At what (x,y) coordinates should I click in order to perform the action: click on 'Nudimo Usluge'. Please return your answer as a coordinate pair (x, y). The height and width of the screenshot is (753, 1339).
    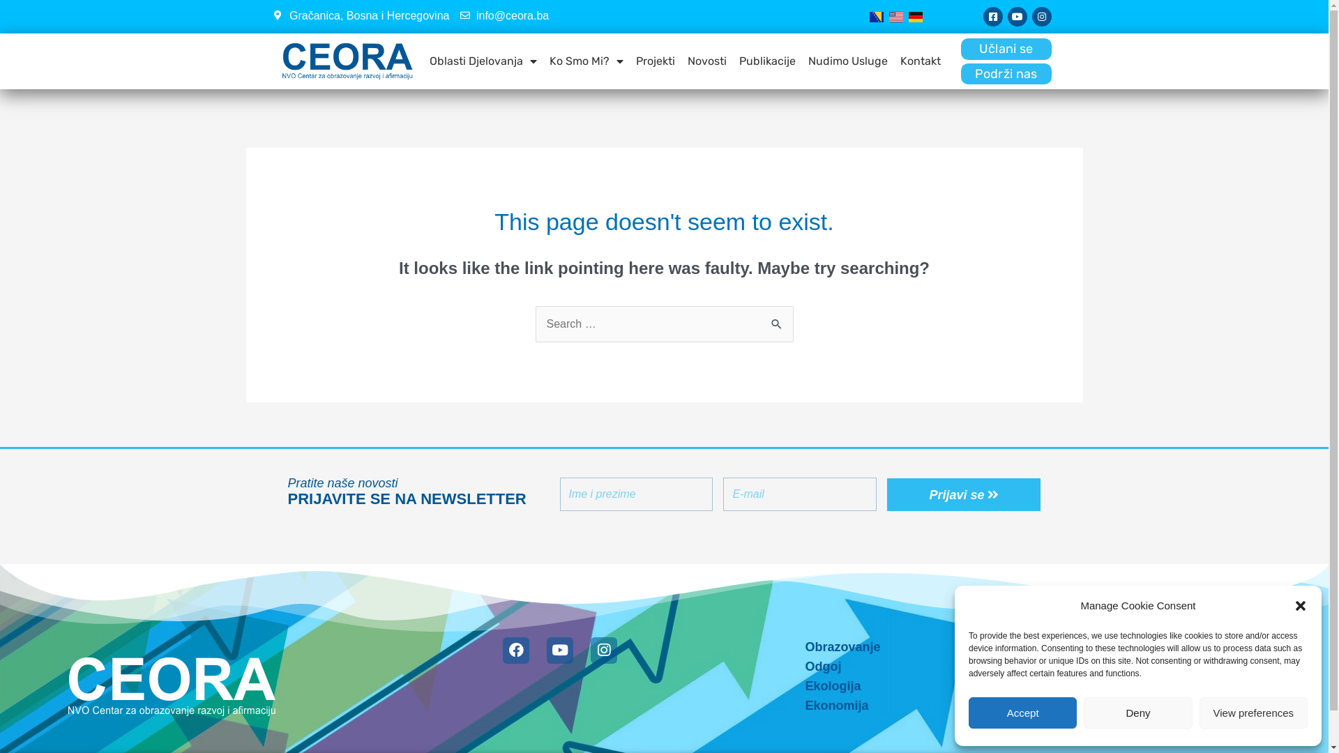
    Looking at the image, I should click on (847, 61).